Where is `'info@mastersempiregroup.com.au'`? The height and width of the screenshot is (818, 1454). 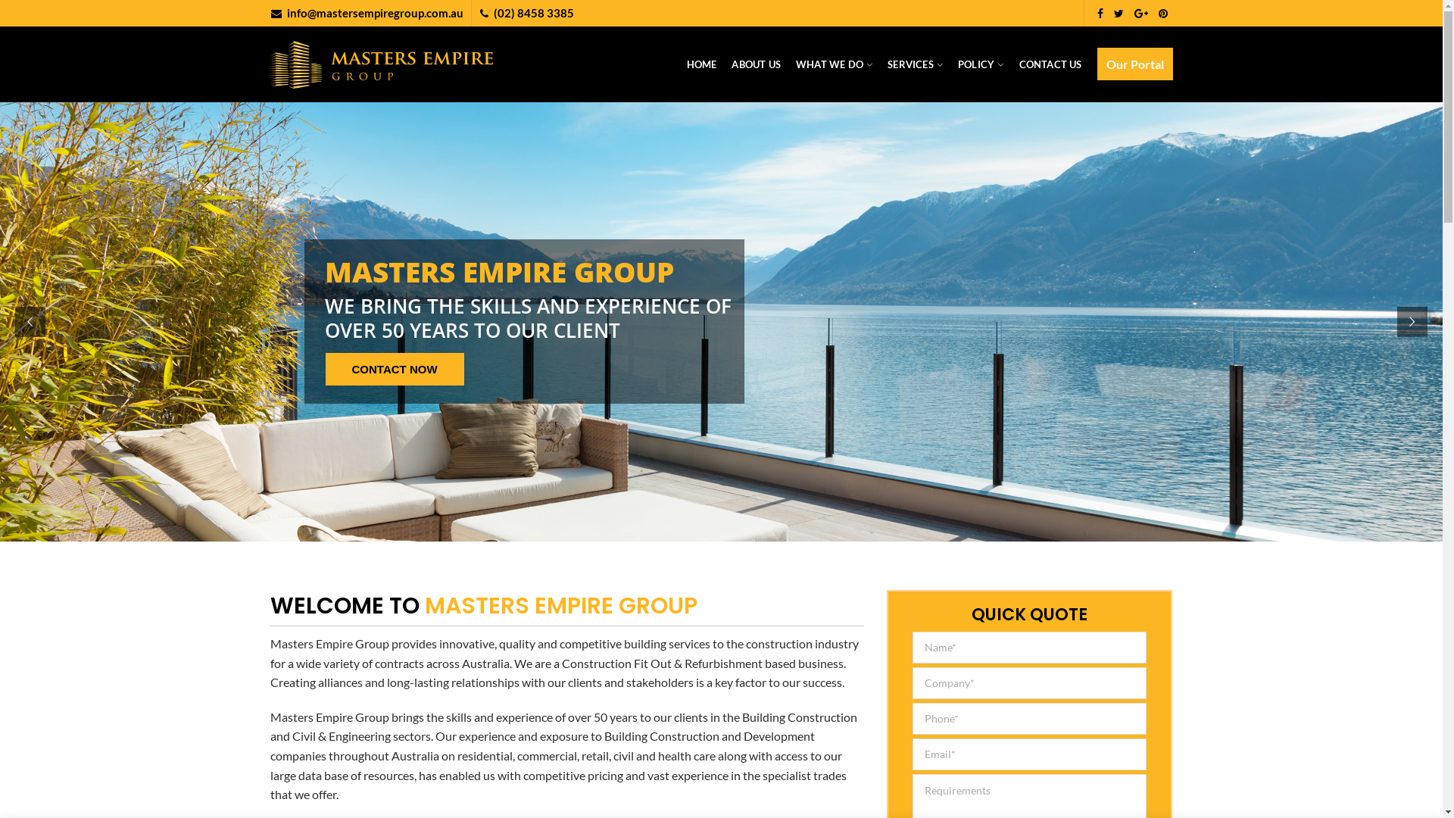 'info@mastersempiregroup.com.au' is located at coordinates (374, 12).